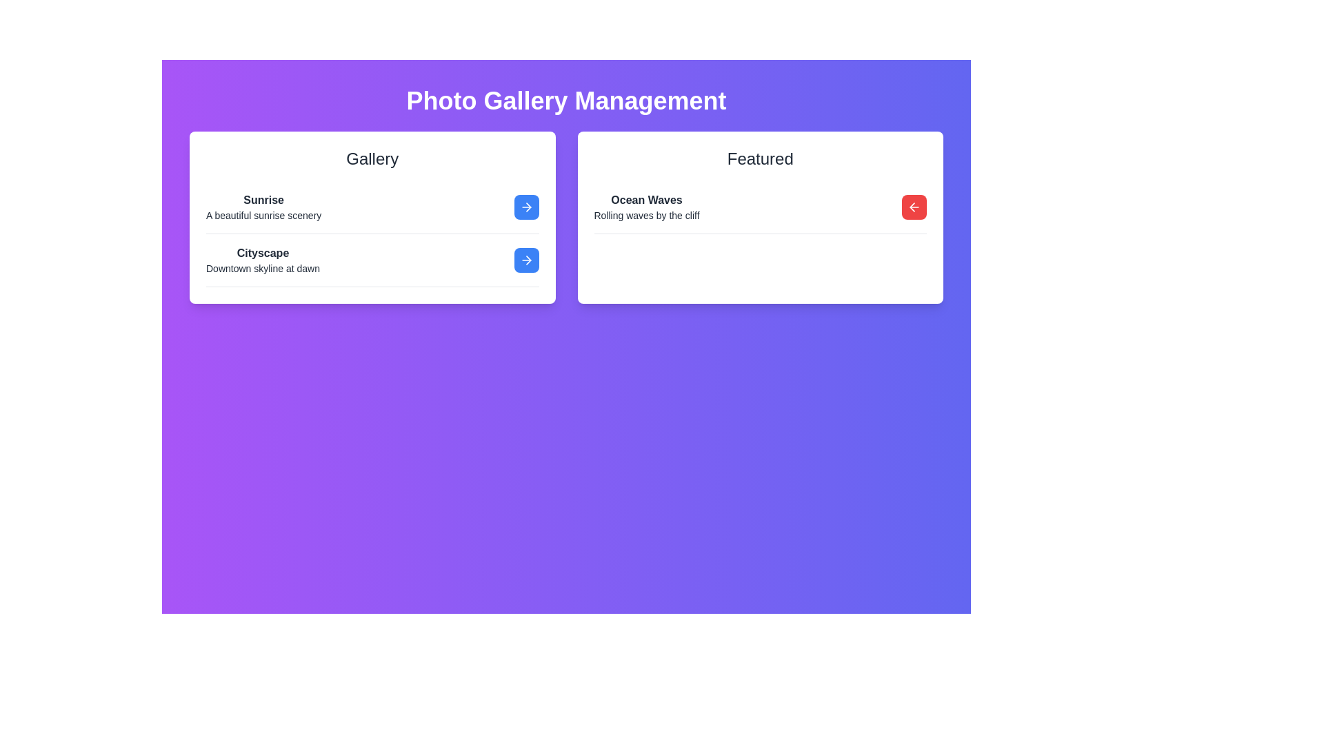 This screenshot has height=744, width=1324. I want to click on the text block titled 'Ocean Waves' with the subtitle 'Rolling waves by the cliff' located in the right card under the 'Featured' section, positioned to the left of a red button with an arrow icon, so click(646, 207).